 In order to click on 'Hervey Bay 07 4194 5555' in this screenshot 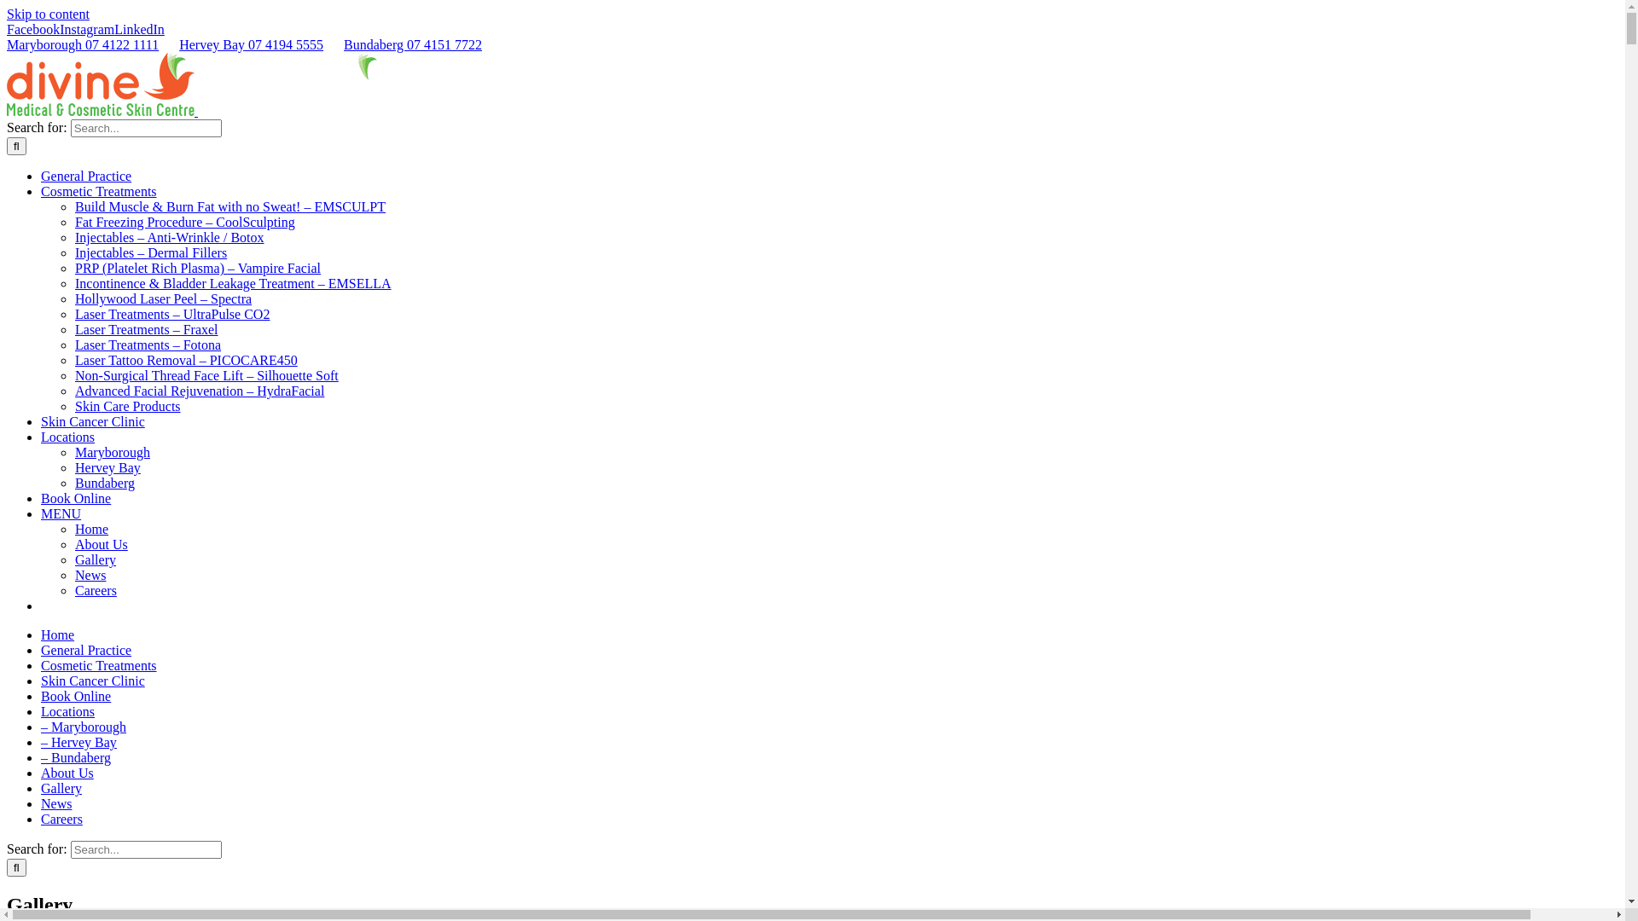, I will do `click(250, 43)`.